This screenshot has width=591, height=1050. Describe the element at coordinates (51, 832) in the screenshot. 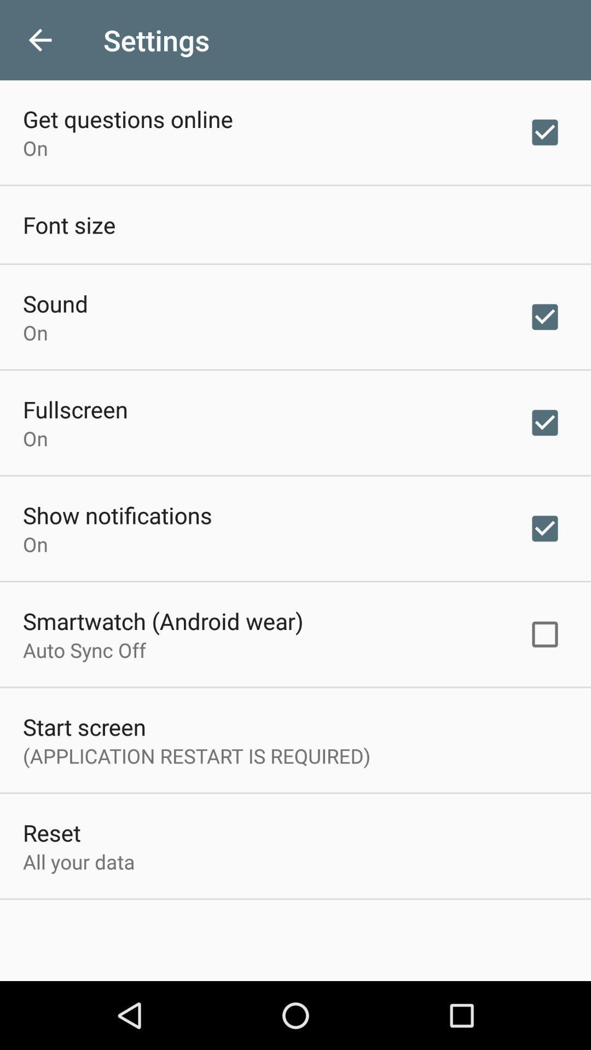

I see `the reset` at that location.